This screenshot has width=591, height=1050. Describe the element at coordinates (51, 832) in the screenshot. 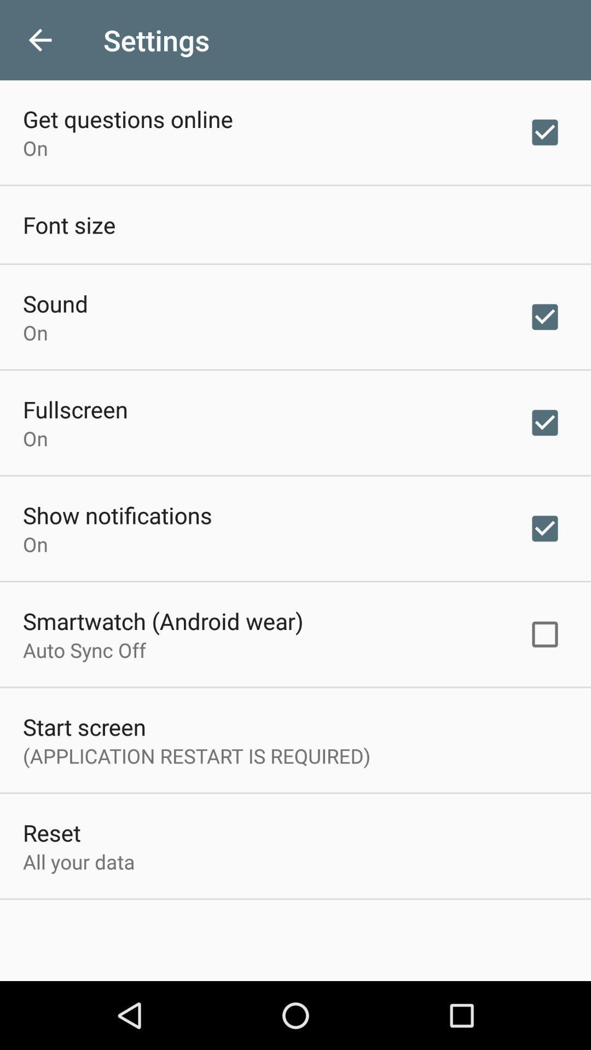

I see `the reset` at that location.